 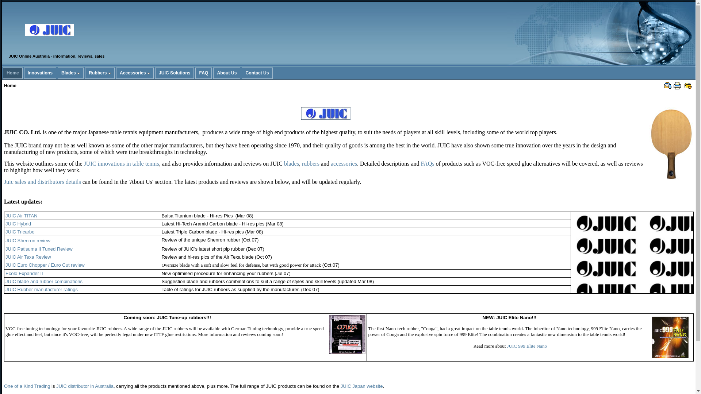 I want to click on 'JUIC blade and rubber combinations ', so click(x=5, y=281).